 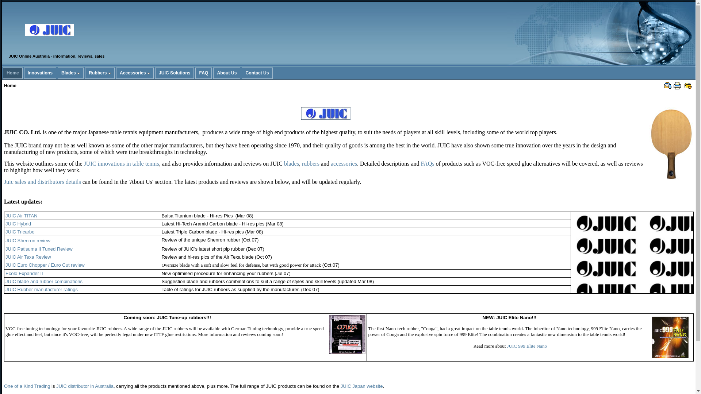 I want to click on 'JUIC blade and rubber combinations ', so click(x=5, y=281).